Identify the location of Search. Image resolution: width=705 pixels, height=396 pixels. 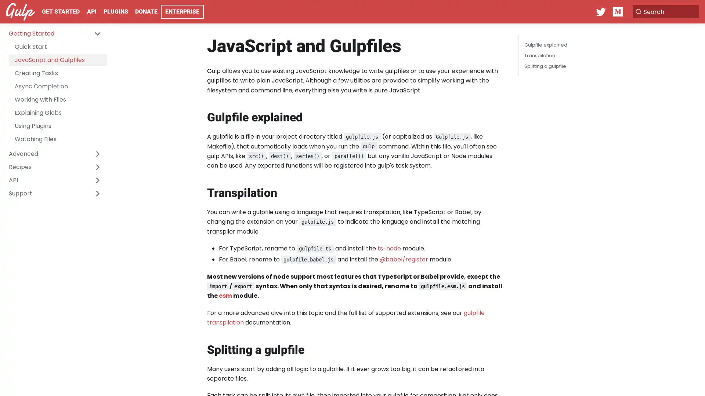
(662, 11).